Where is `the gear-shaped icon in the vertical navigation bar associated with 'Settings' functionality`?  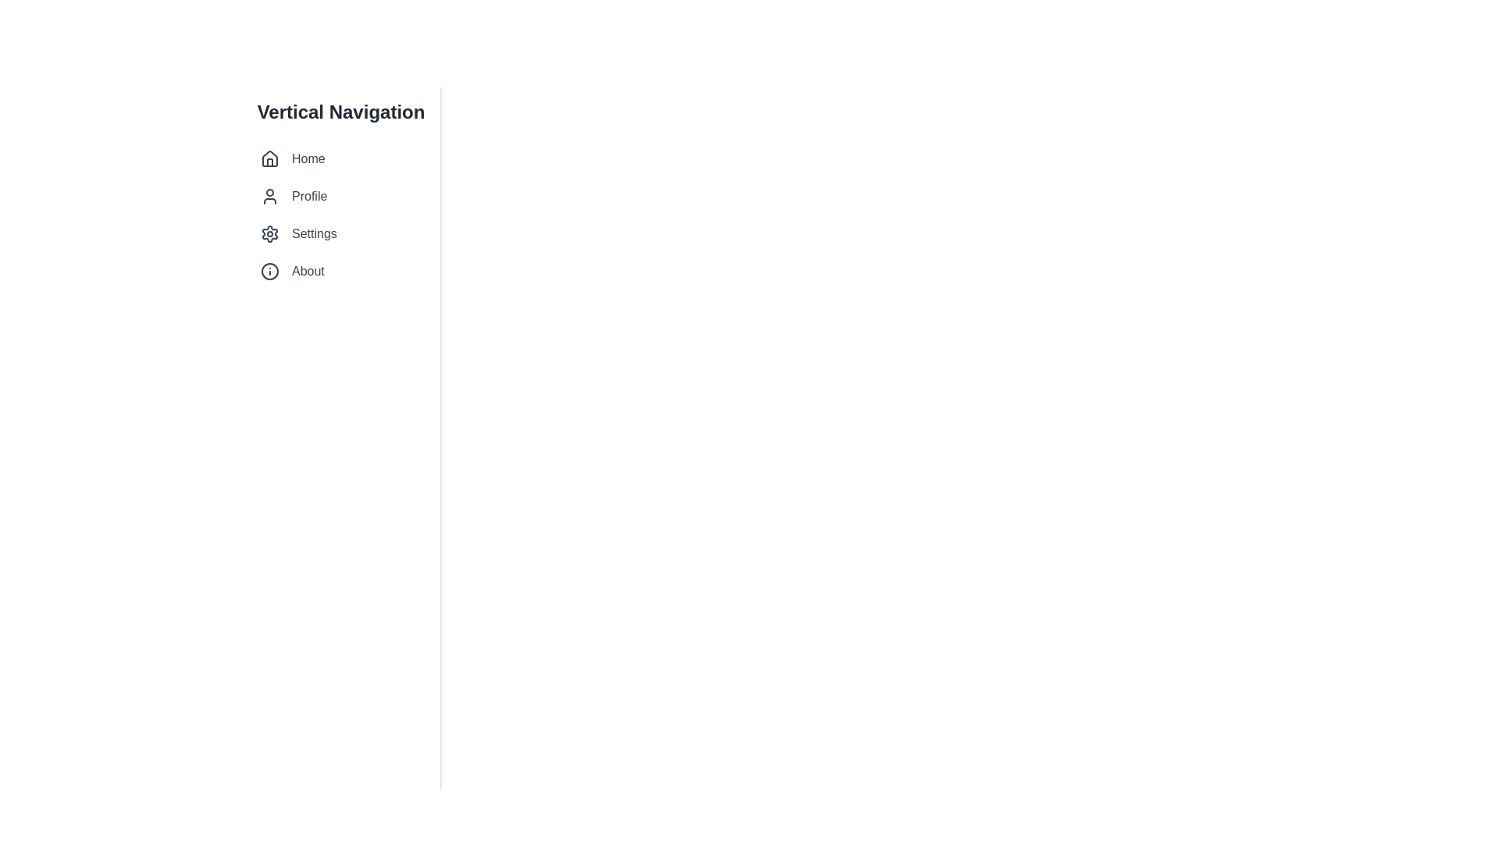
the gear-shaped icon in the vertical navigation bar associated with 'Settings' functionality is located at coordinates (269, 234).